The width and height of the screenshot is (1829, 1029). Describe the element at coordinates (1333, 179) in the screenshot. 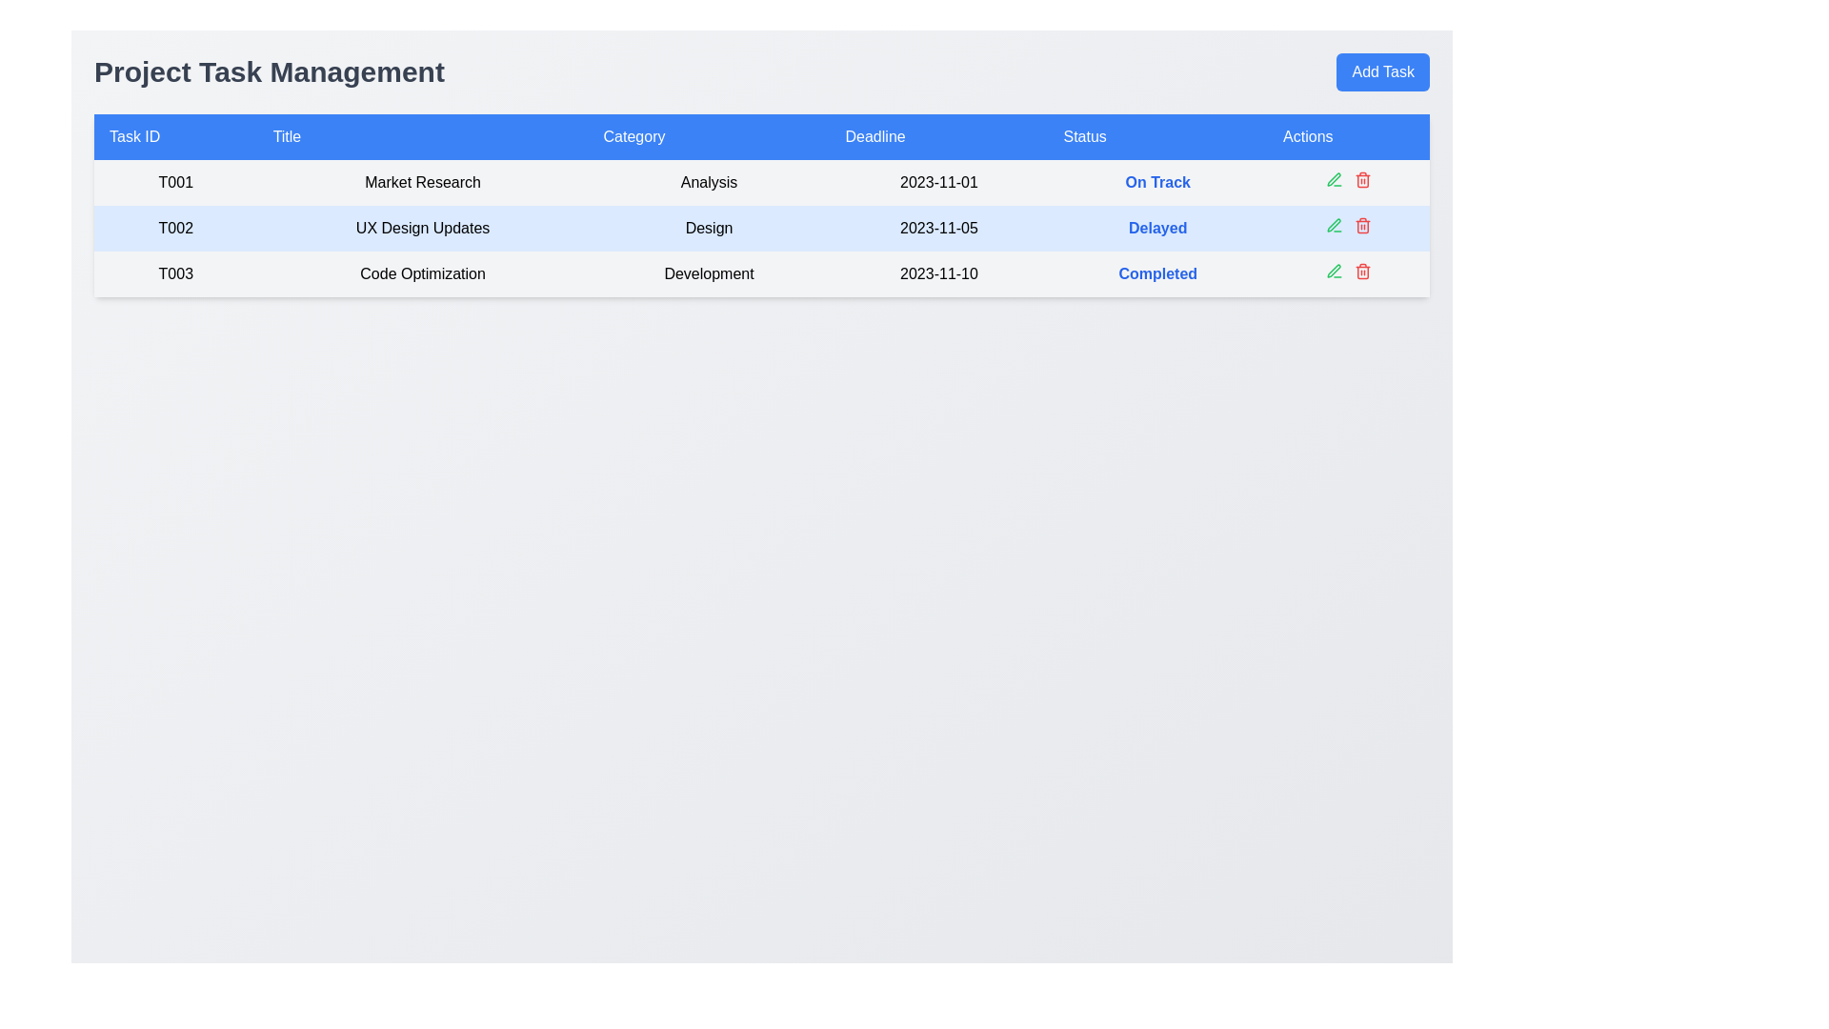

I see `the pen icon in the 'Actions' column of the second row, corresponding to 'UX Design Updates'` at that location.